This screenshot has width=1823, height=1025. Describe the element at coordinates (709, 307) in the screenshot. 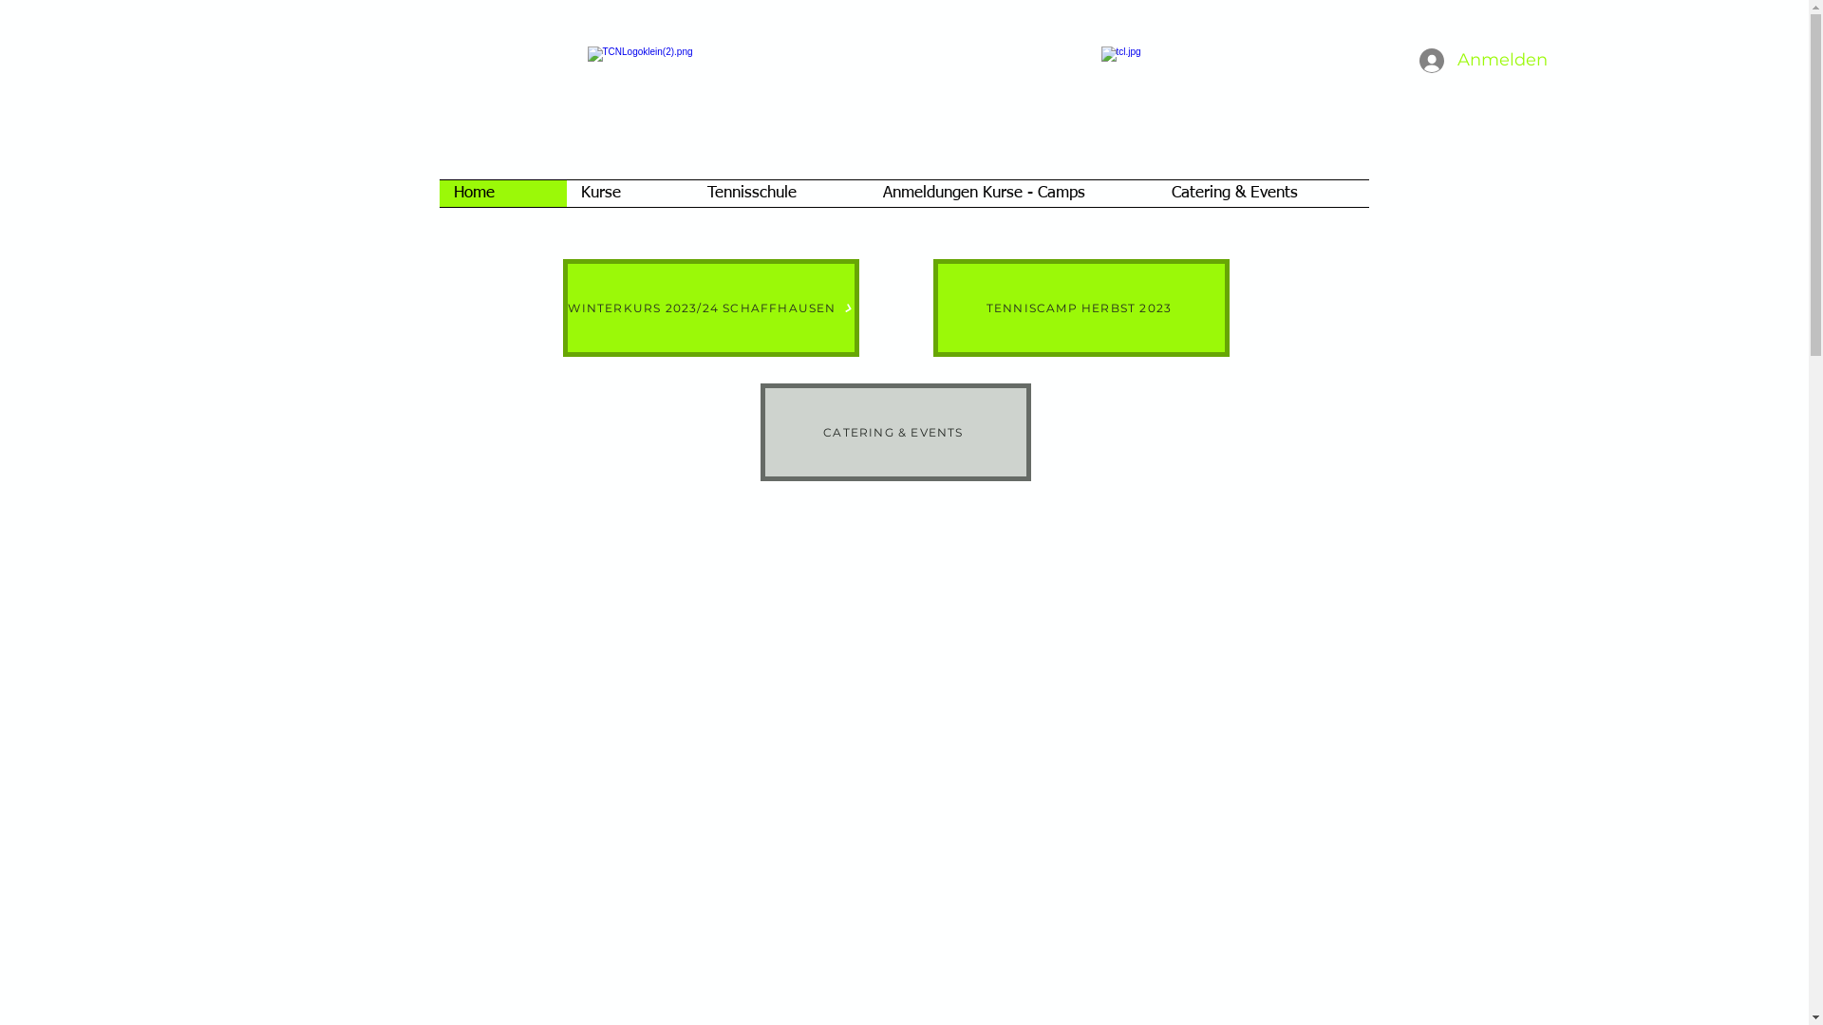

I see `'WINTERKURS 2023/24 SCHAFFHAUSEN'` at that location.